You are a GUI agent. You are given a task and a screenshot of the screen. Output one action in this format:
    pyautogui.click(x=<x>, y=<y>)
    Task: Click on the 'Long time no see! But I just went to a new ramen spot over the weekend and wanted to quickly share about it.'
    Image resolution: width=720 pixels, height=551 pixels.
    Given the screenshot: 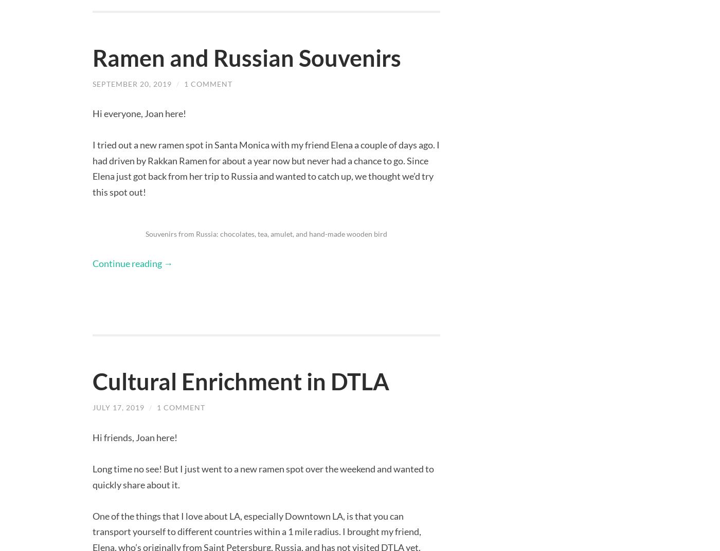 What is the action you would take?
    pyautogui.click(x=263, y=476)
    